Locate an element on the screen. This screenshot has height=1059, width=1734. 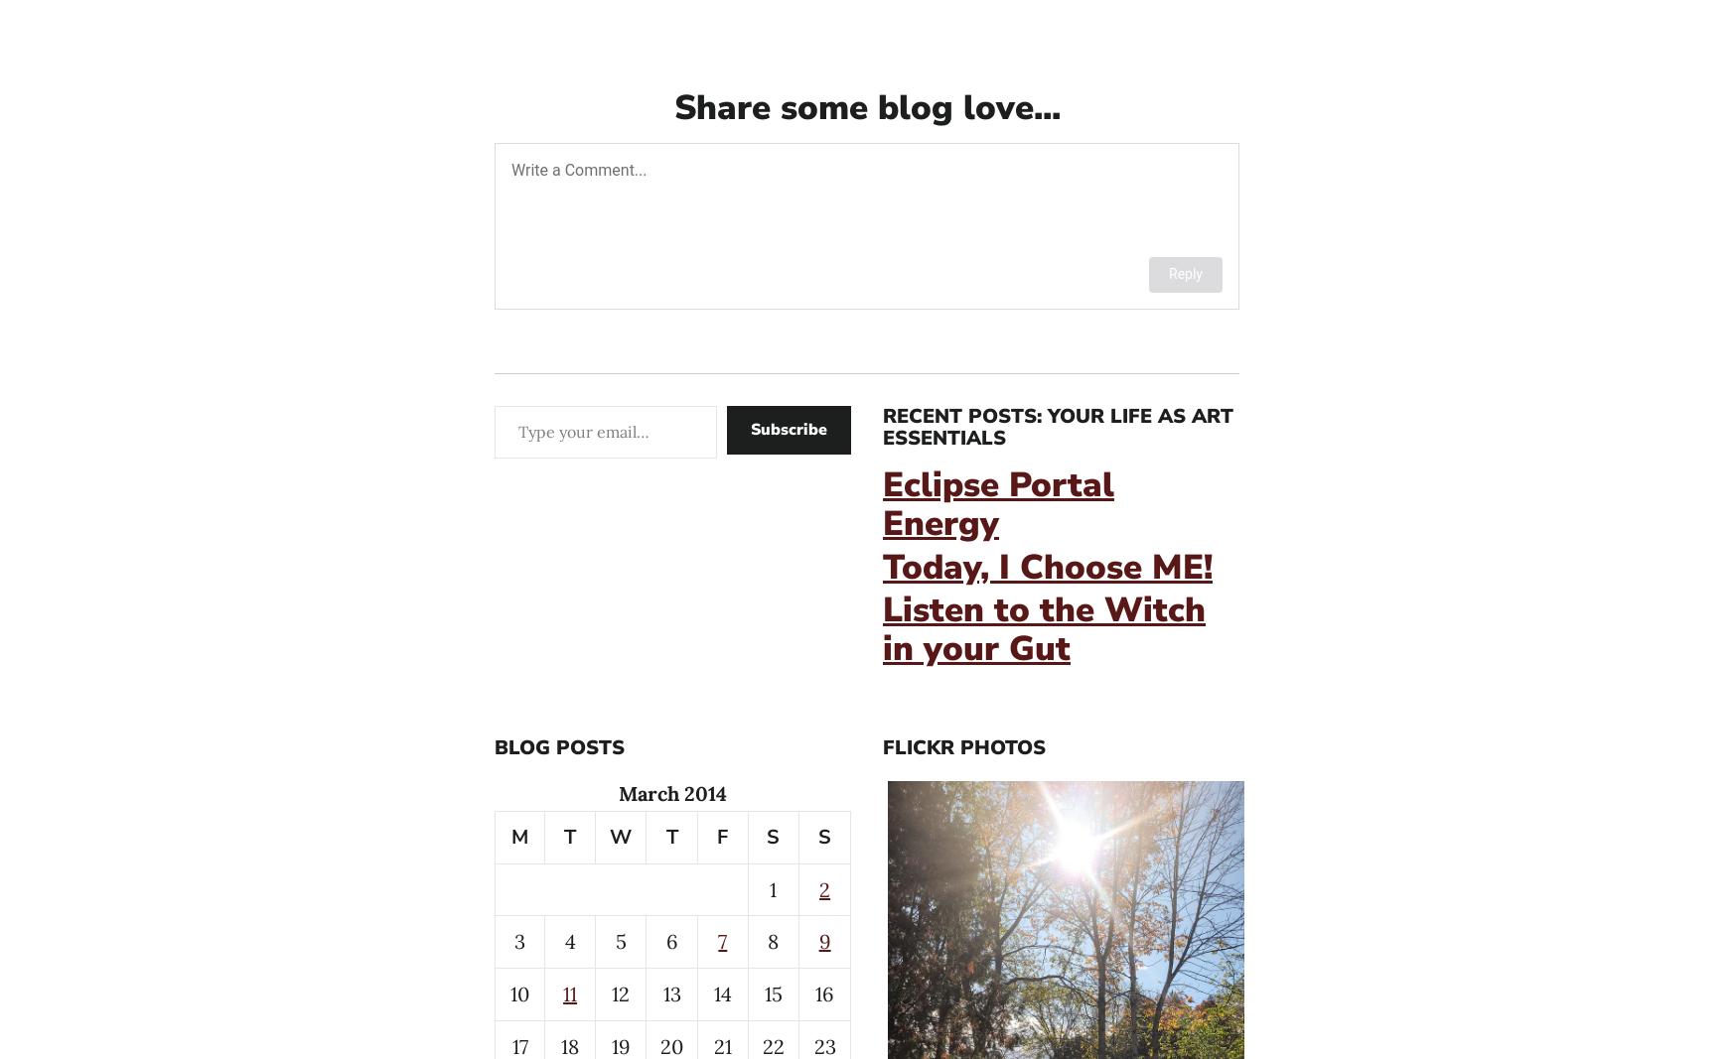
'Recent Posts: Your Life As Art Essentials' is located at coordinates (1057, 426).